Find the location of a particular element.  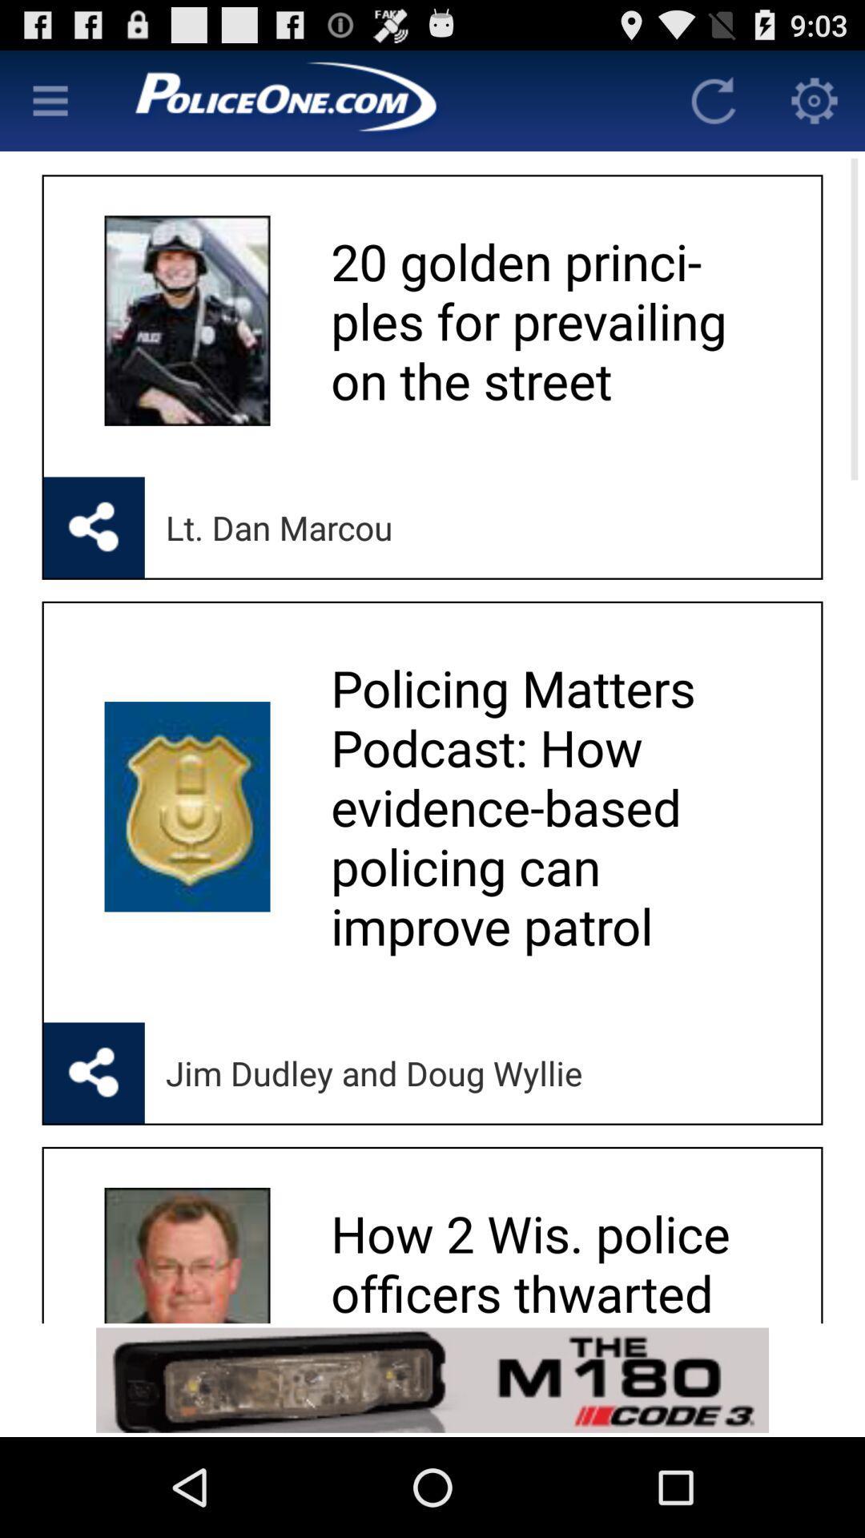

settings is located at coordinates (815, 99).